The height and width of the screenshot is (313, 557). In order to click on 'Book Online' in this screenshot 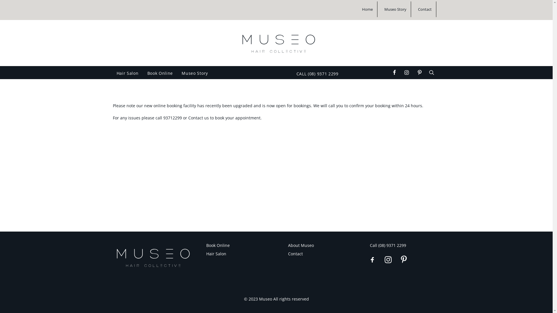, I will do `click(206, 245)`.